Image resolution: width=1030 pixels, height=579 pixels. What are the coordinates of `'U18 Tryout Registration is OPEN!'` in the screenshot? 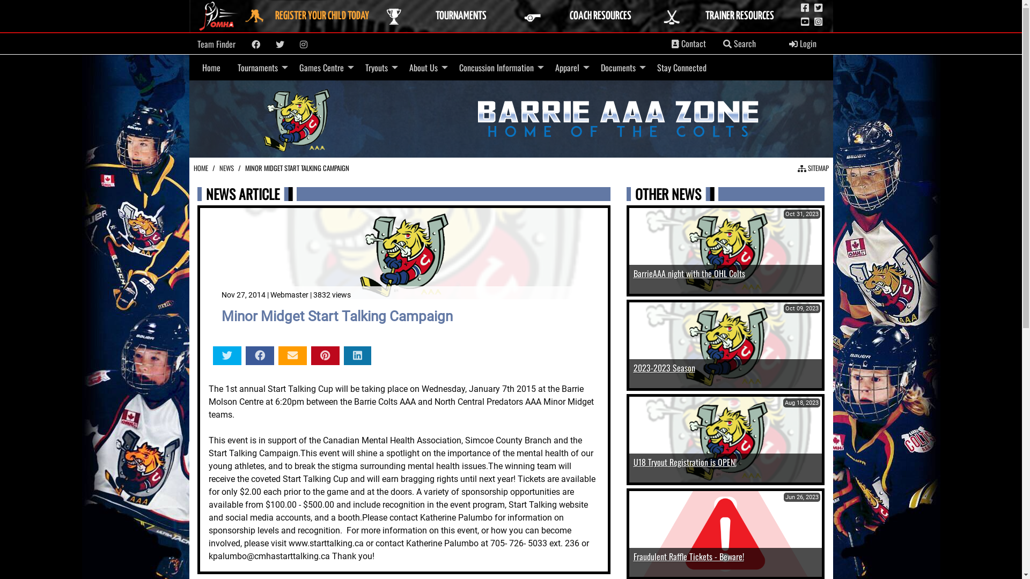 It's located at (684, 461).